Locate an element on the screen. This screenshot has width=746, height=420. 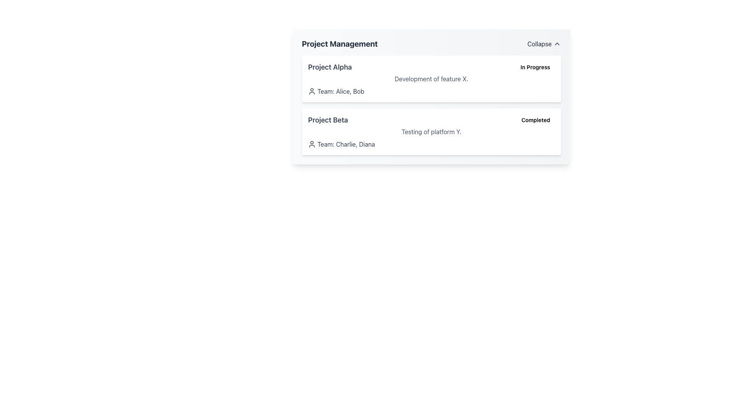
status represented by the label indicating 'In Progress' for 'Project Alpha', located at the top-right corner of the section labeled 'Project Alpha' is located at coordinates (535, 67).